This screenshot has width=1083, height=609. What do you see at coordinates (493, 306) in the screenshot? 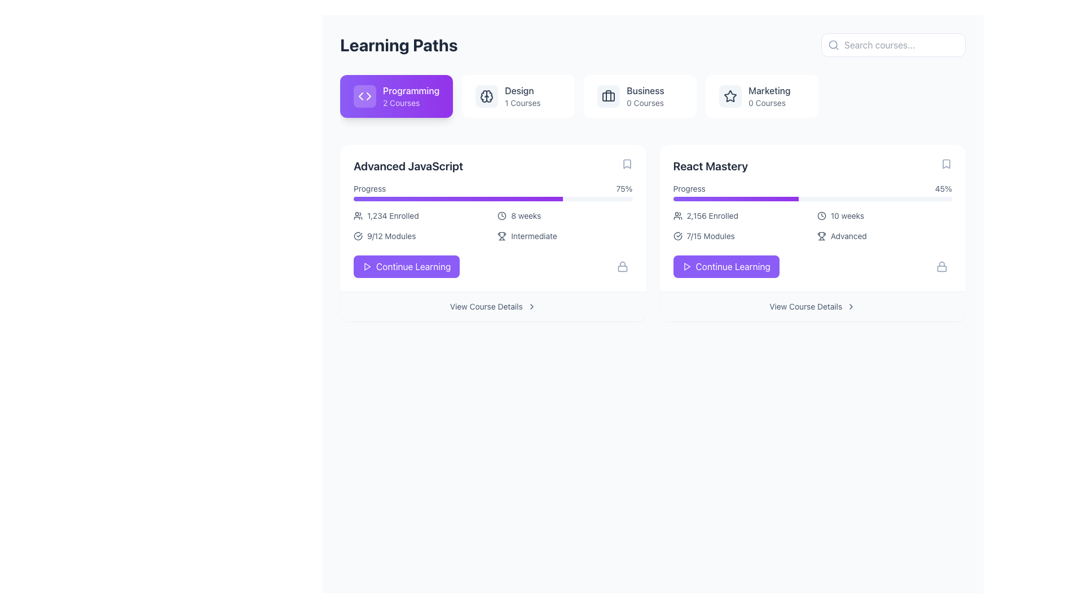
I see `the button located below the 'Continue Learning' button in the 'Advanced JavaScript' section` at bounding box center [493, 306].